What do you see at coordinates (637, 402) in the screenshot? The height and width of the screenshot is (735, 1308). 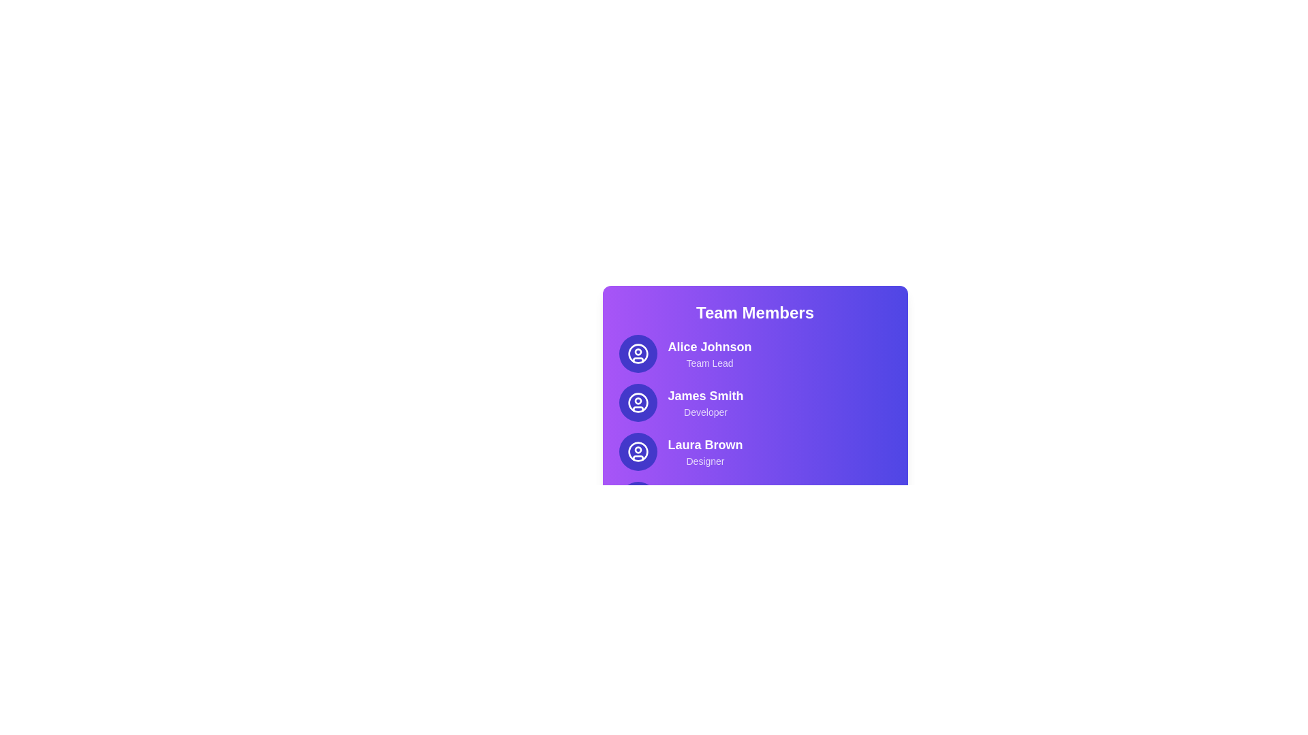 I see `the user icon styled as a circular badge with an inner user silhouette, which is the second element in a vertical list of team members under the header 'Team Members'` at bounding box center [637, 402].